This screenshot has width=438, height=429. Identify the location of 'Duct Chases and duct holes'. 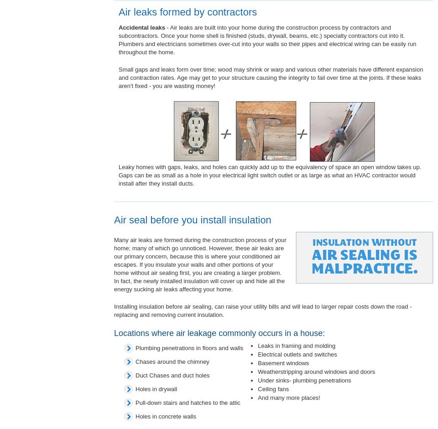
(172, 375).